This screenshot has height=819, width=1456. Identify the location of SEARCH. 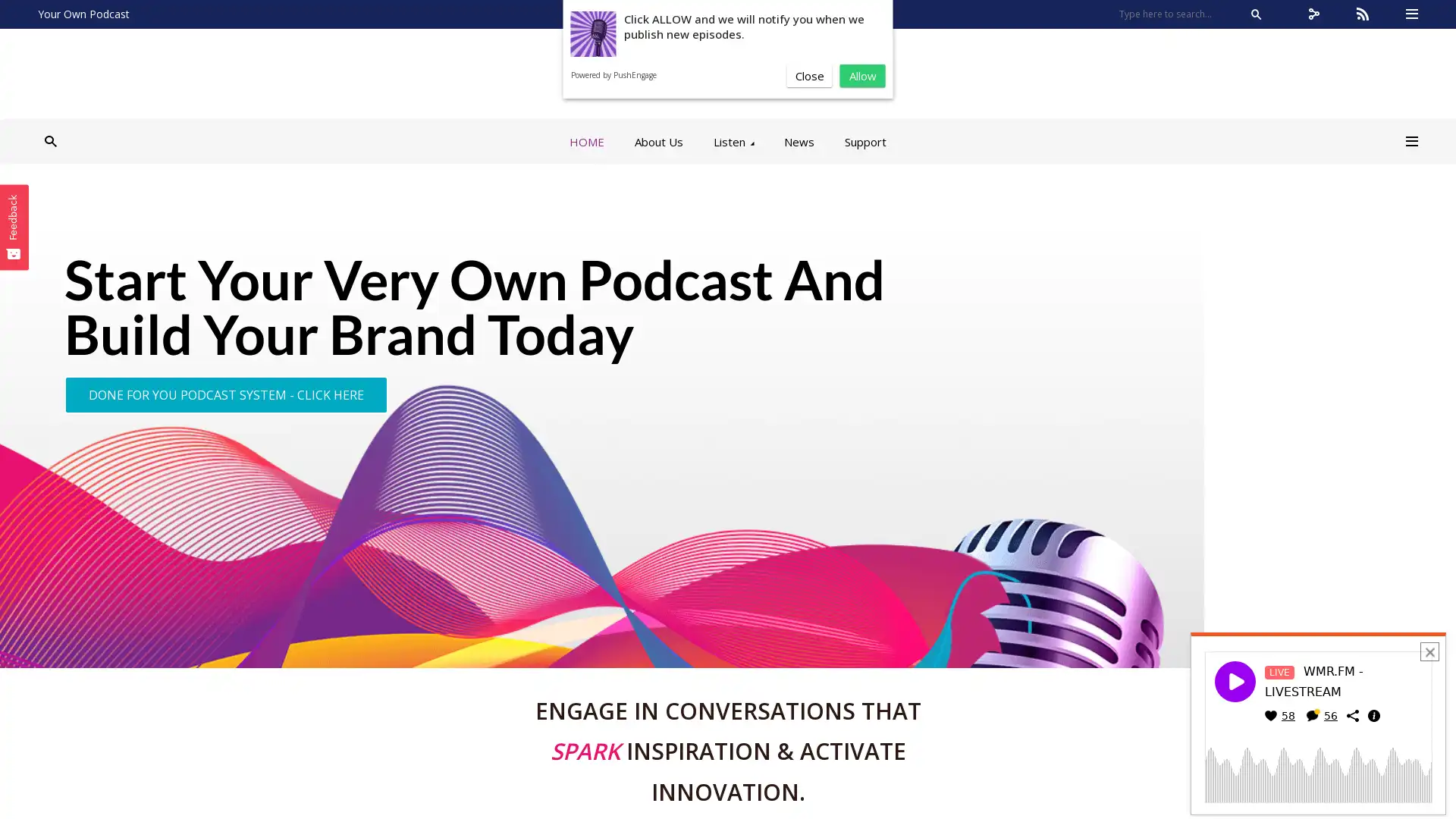
(1256, 14).